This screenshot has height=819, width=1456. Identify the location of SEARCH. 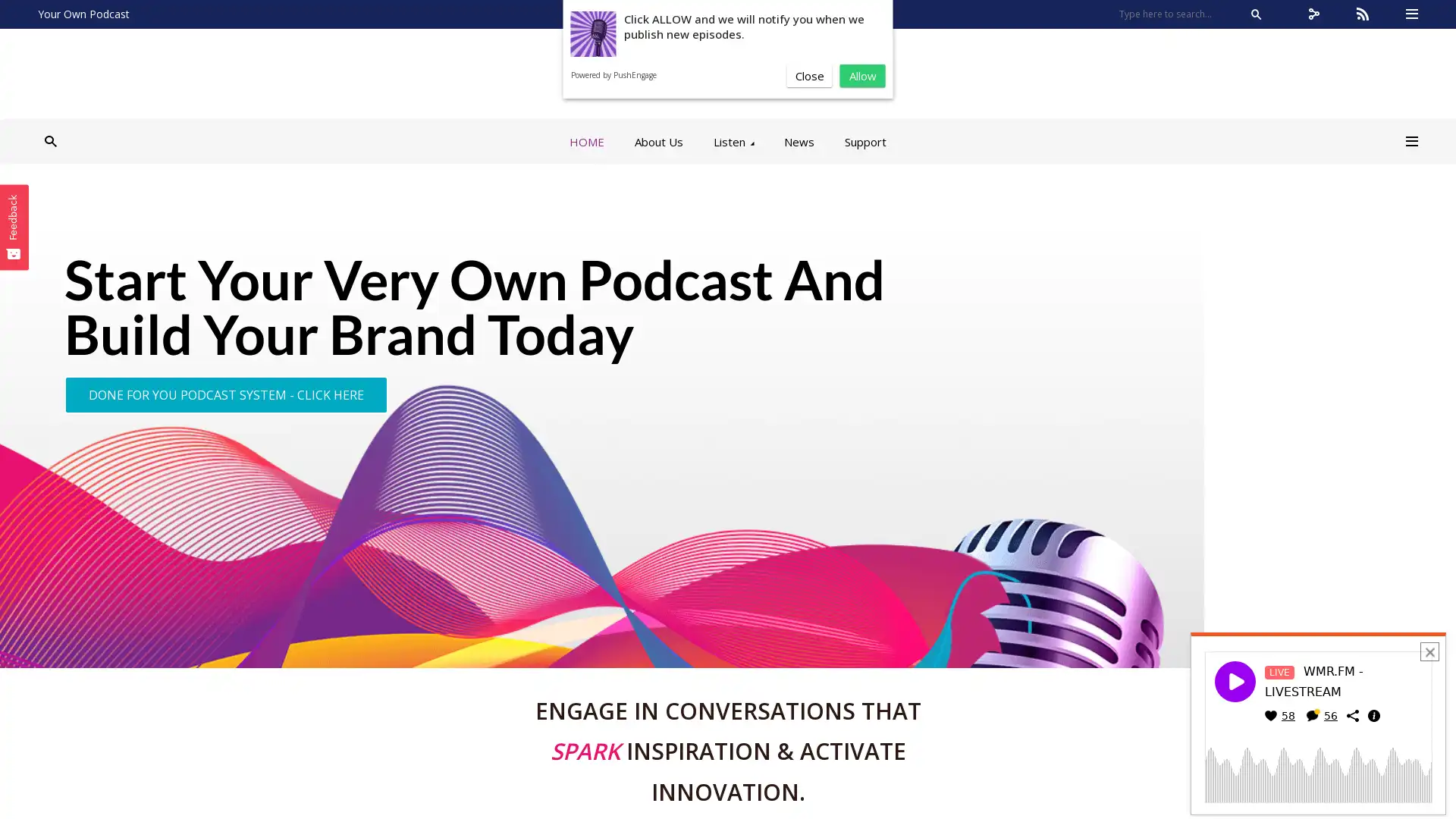
(1256, 14).